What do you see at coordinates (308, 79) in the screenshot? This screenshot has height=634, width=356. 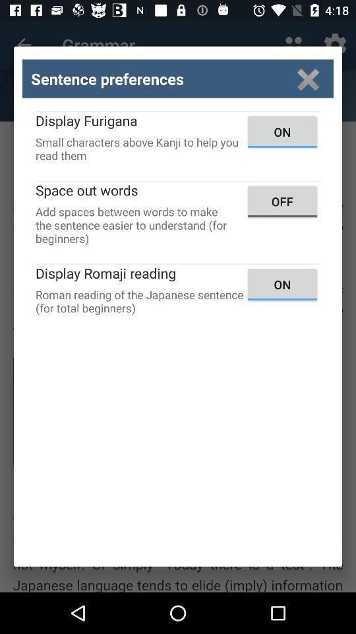 I see `window` at bounding box center [308, 79].